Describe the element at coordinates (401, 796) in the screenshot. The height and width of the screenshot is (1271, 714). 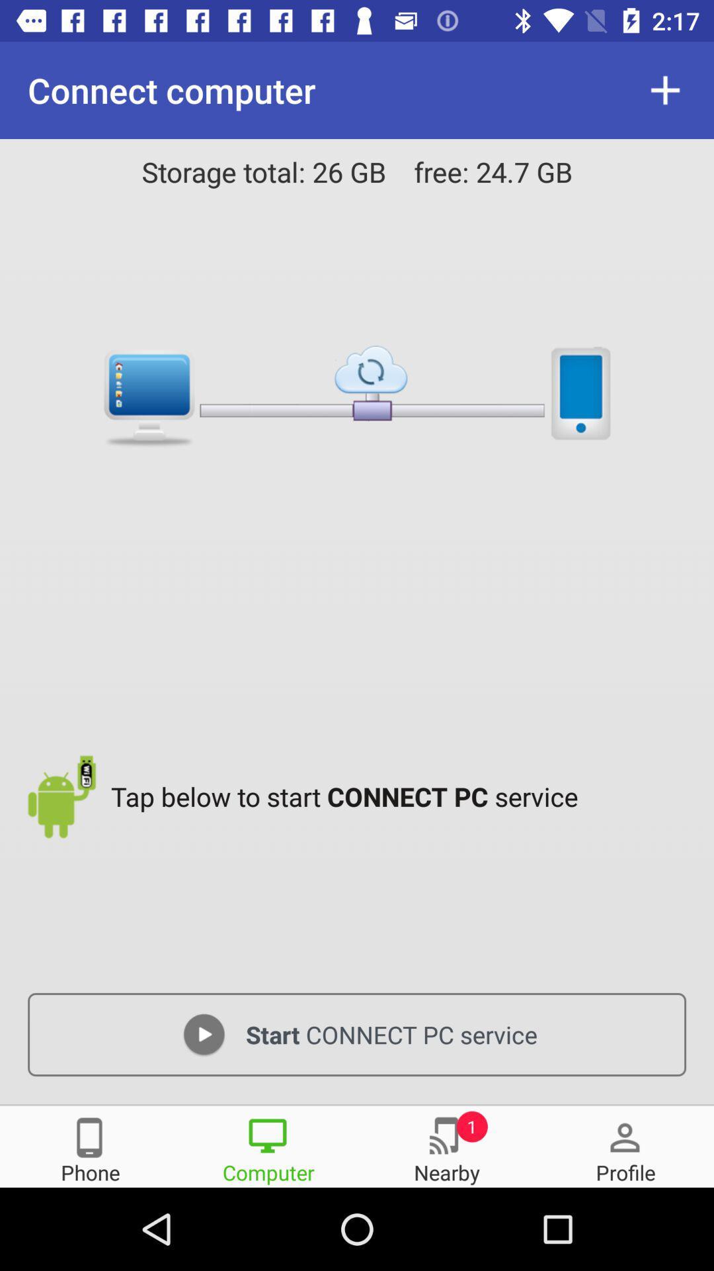
I see `the tap below to app` at that location.